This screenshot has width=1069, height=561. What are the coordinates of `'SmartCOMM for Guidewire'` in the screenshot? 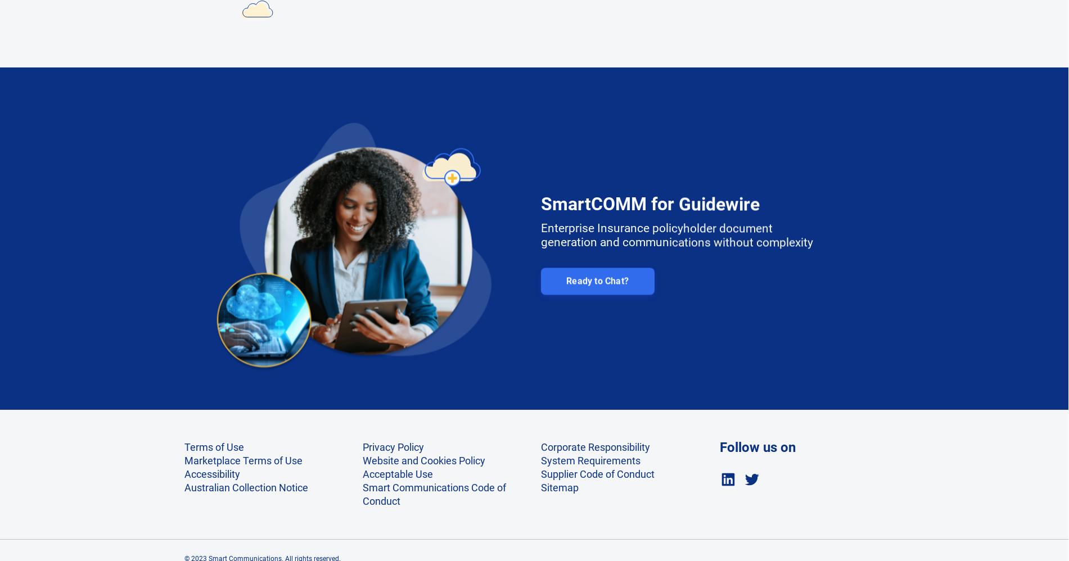 It's located at (649, 196).